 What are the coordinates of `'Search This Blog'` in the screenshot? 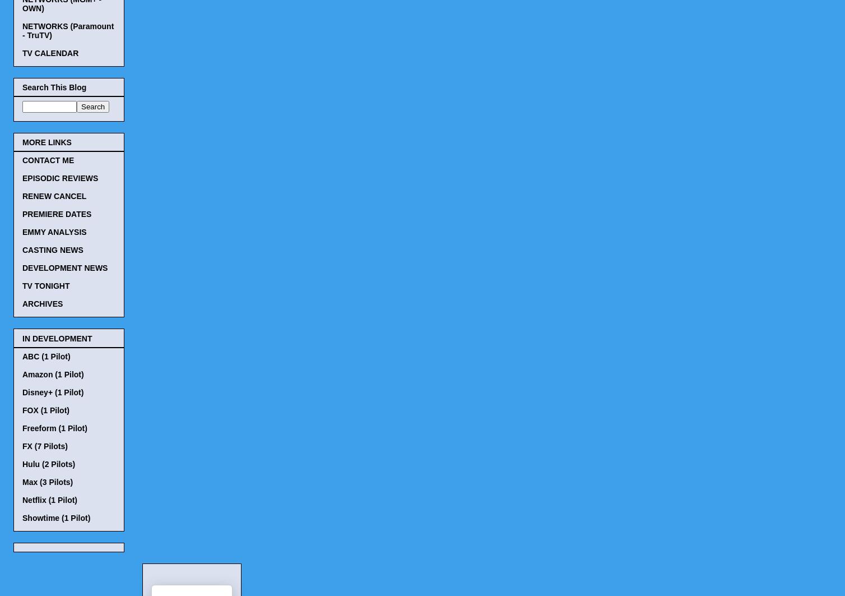 It's located at (54, 87).